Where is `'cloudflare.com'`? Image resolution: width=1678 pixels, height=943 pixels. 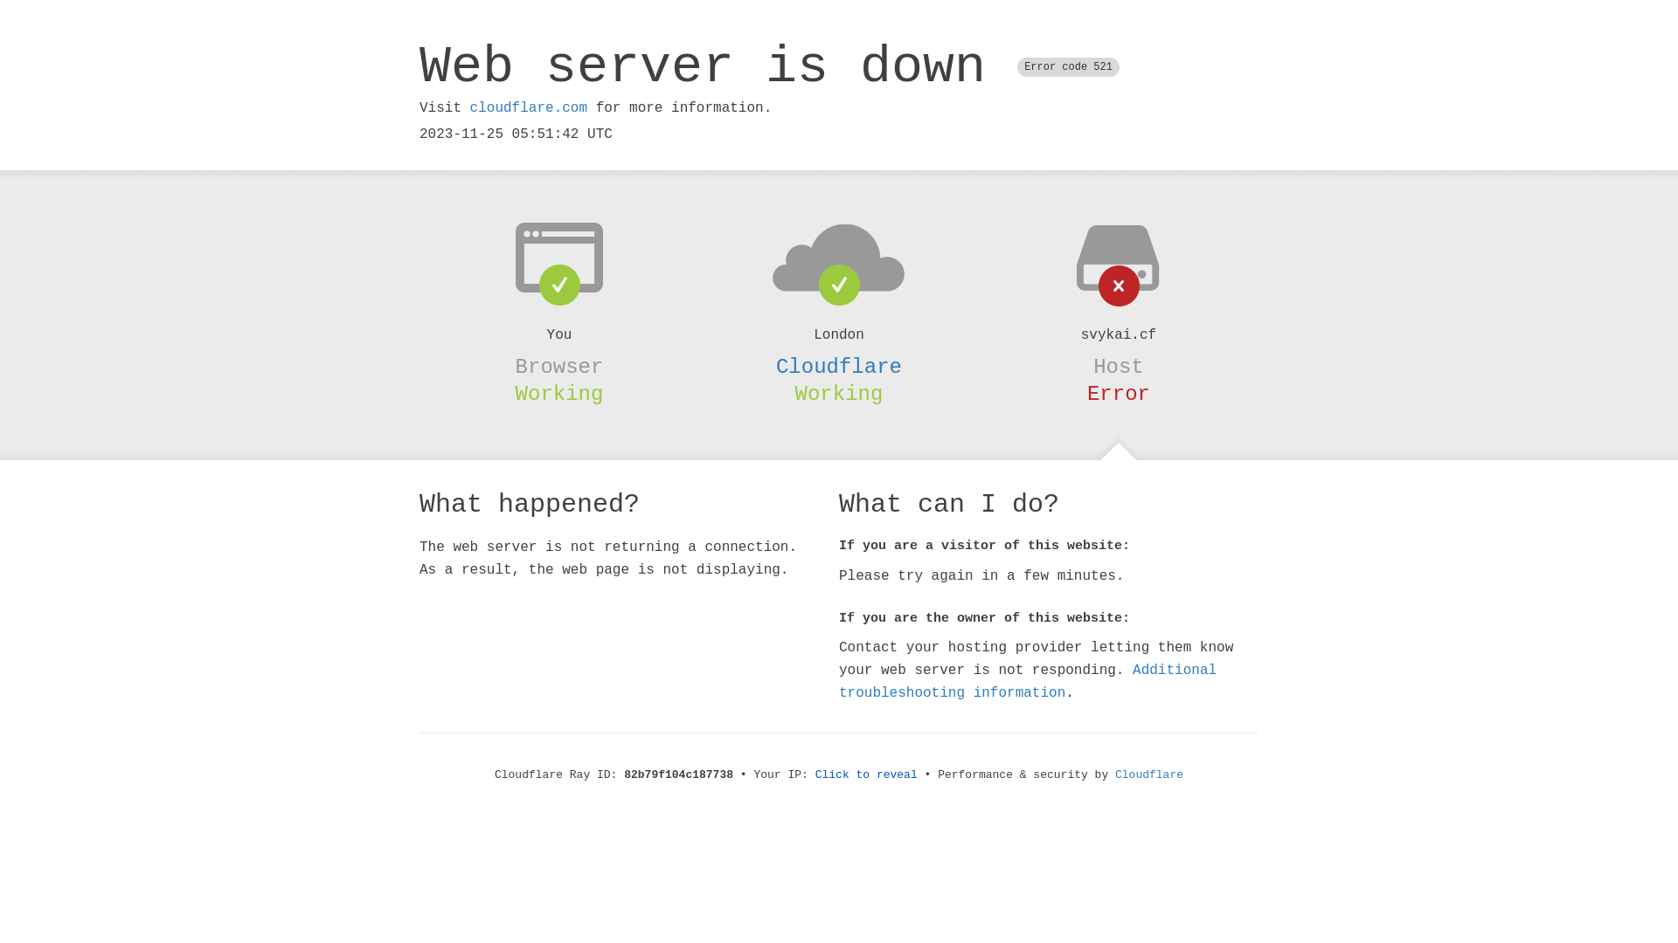
'cloudflare.com' is located at coordinates (469, 107).